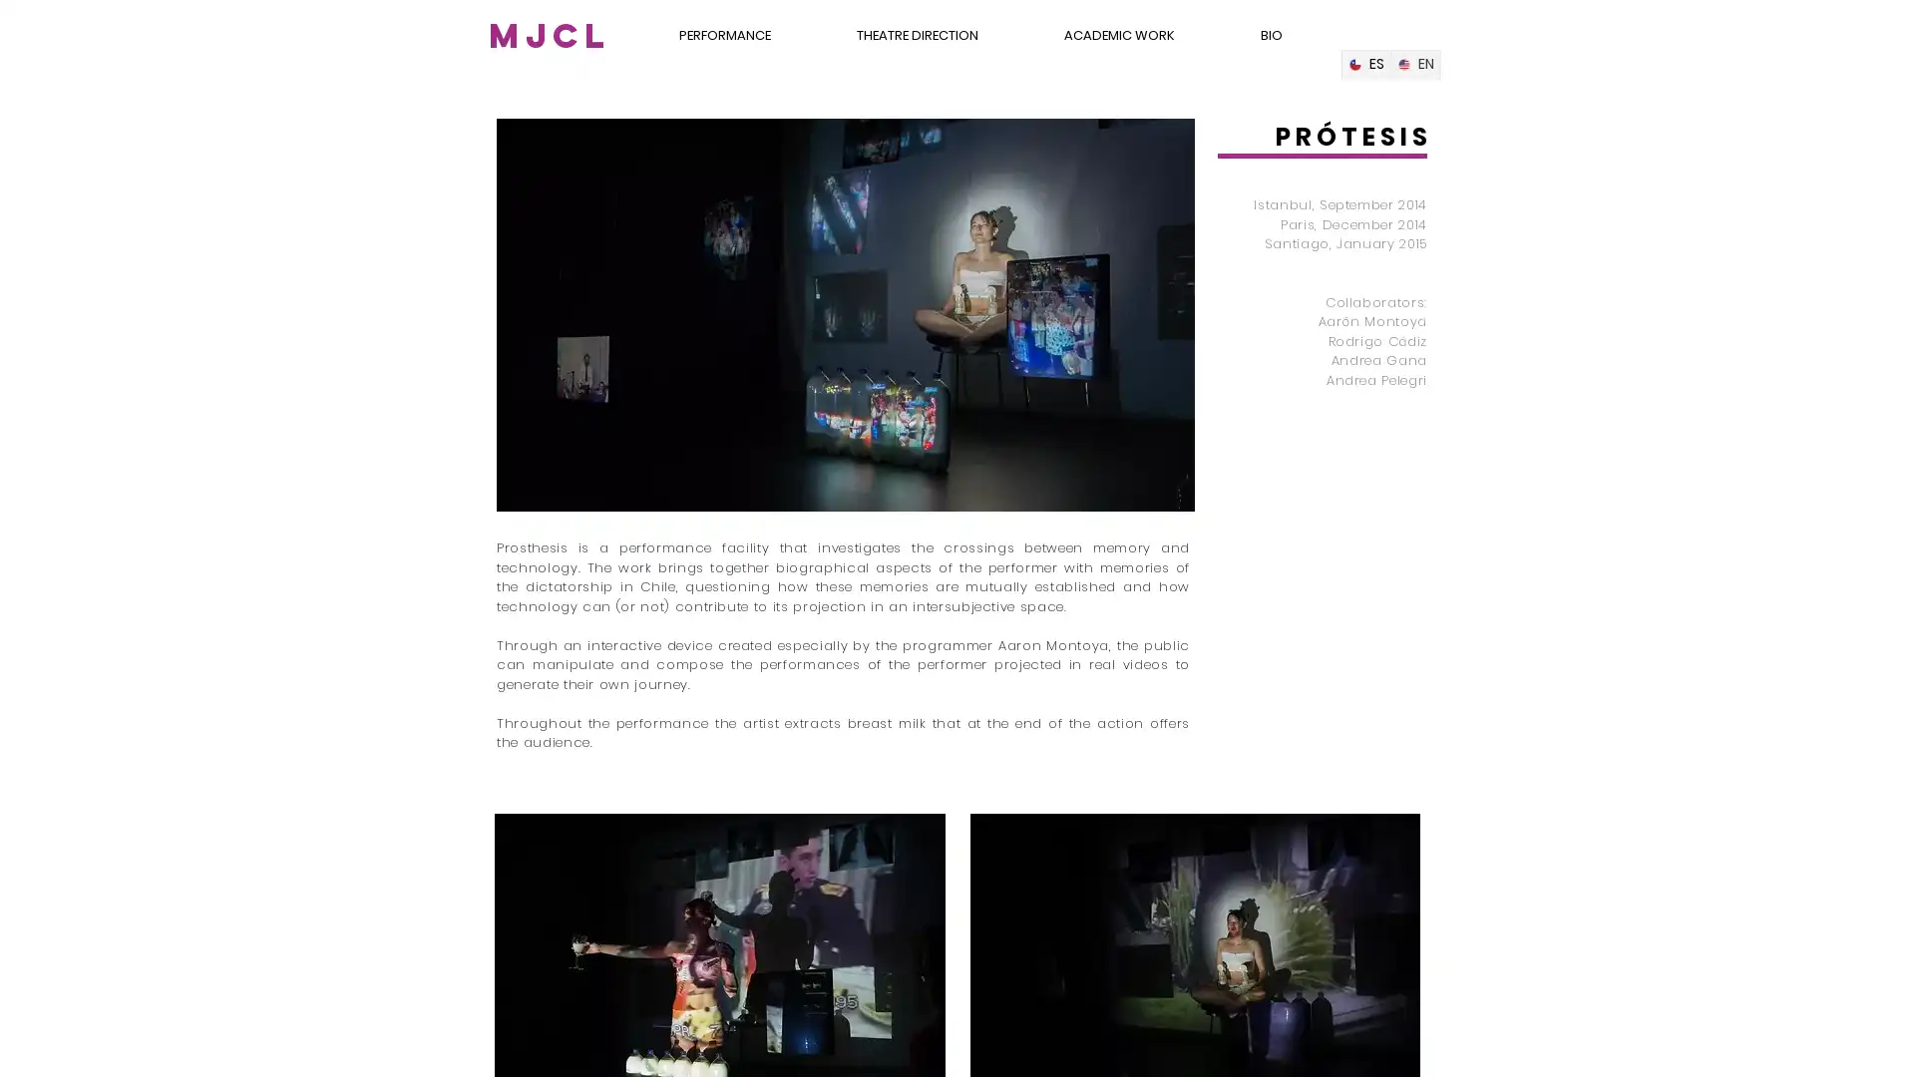 The image size is (1915, 1077). What do you see at coordinates (1414, 64) in the screenshot?
I see `English` at bounding box center [1414, 64].